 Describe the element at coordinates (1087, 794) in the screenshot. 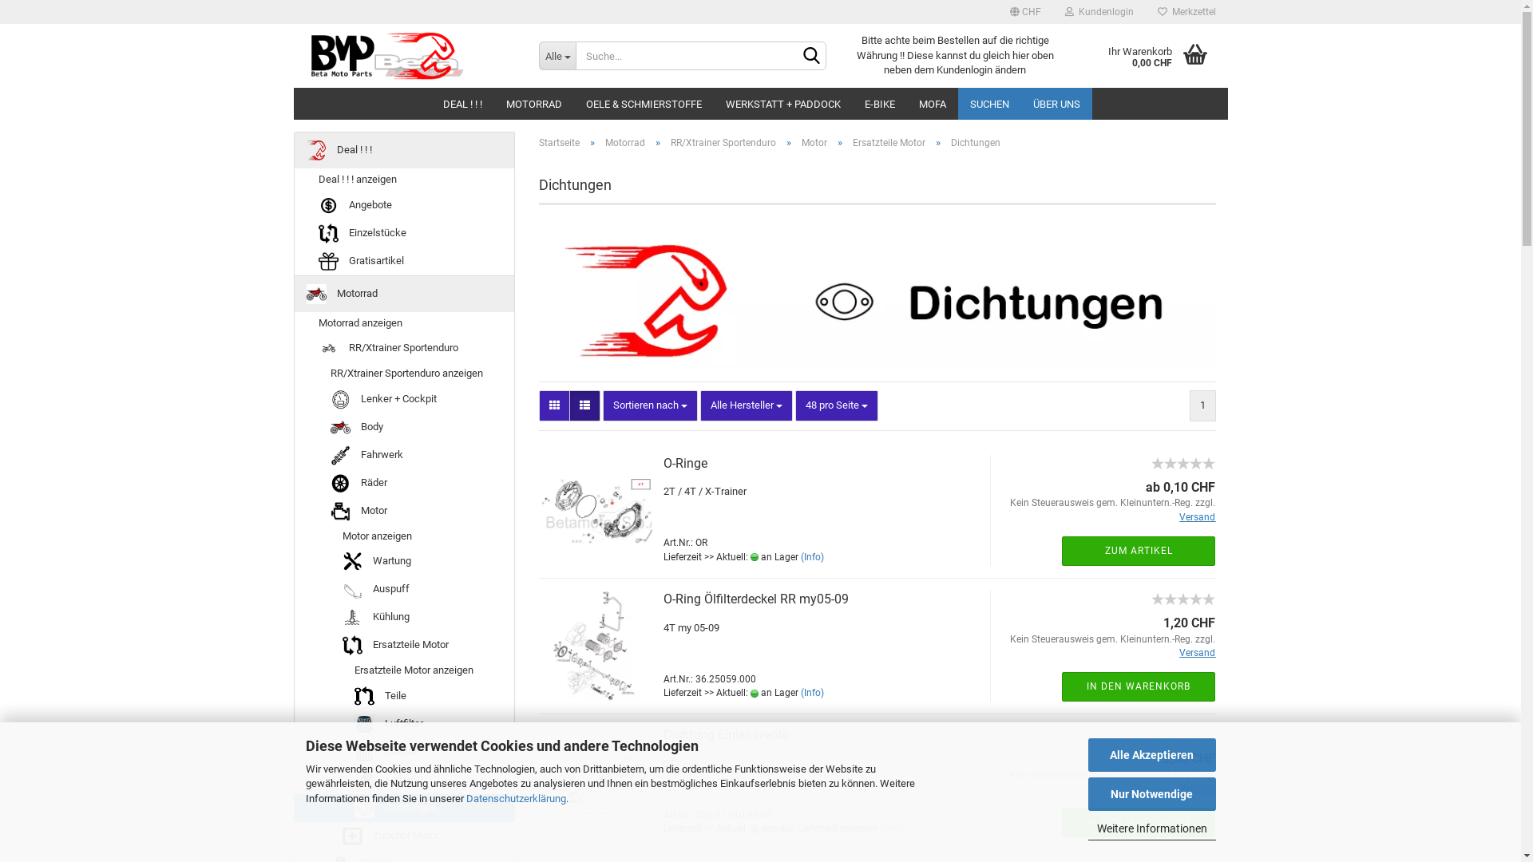

I see `'Nur Notwendige'` at that location.